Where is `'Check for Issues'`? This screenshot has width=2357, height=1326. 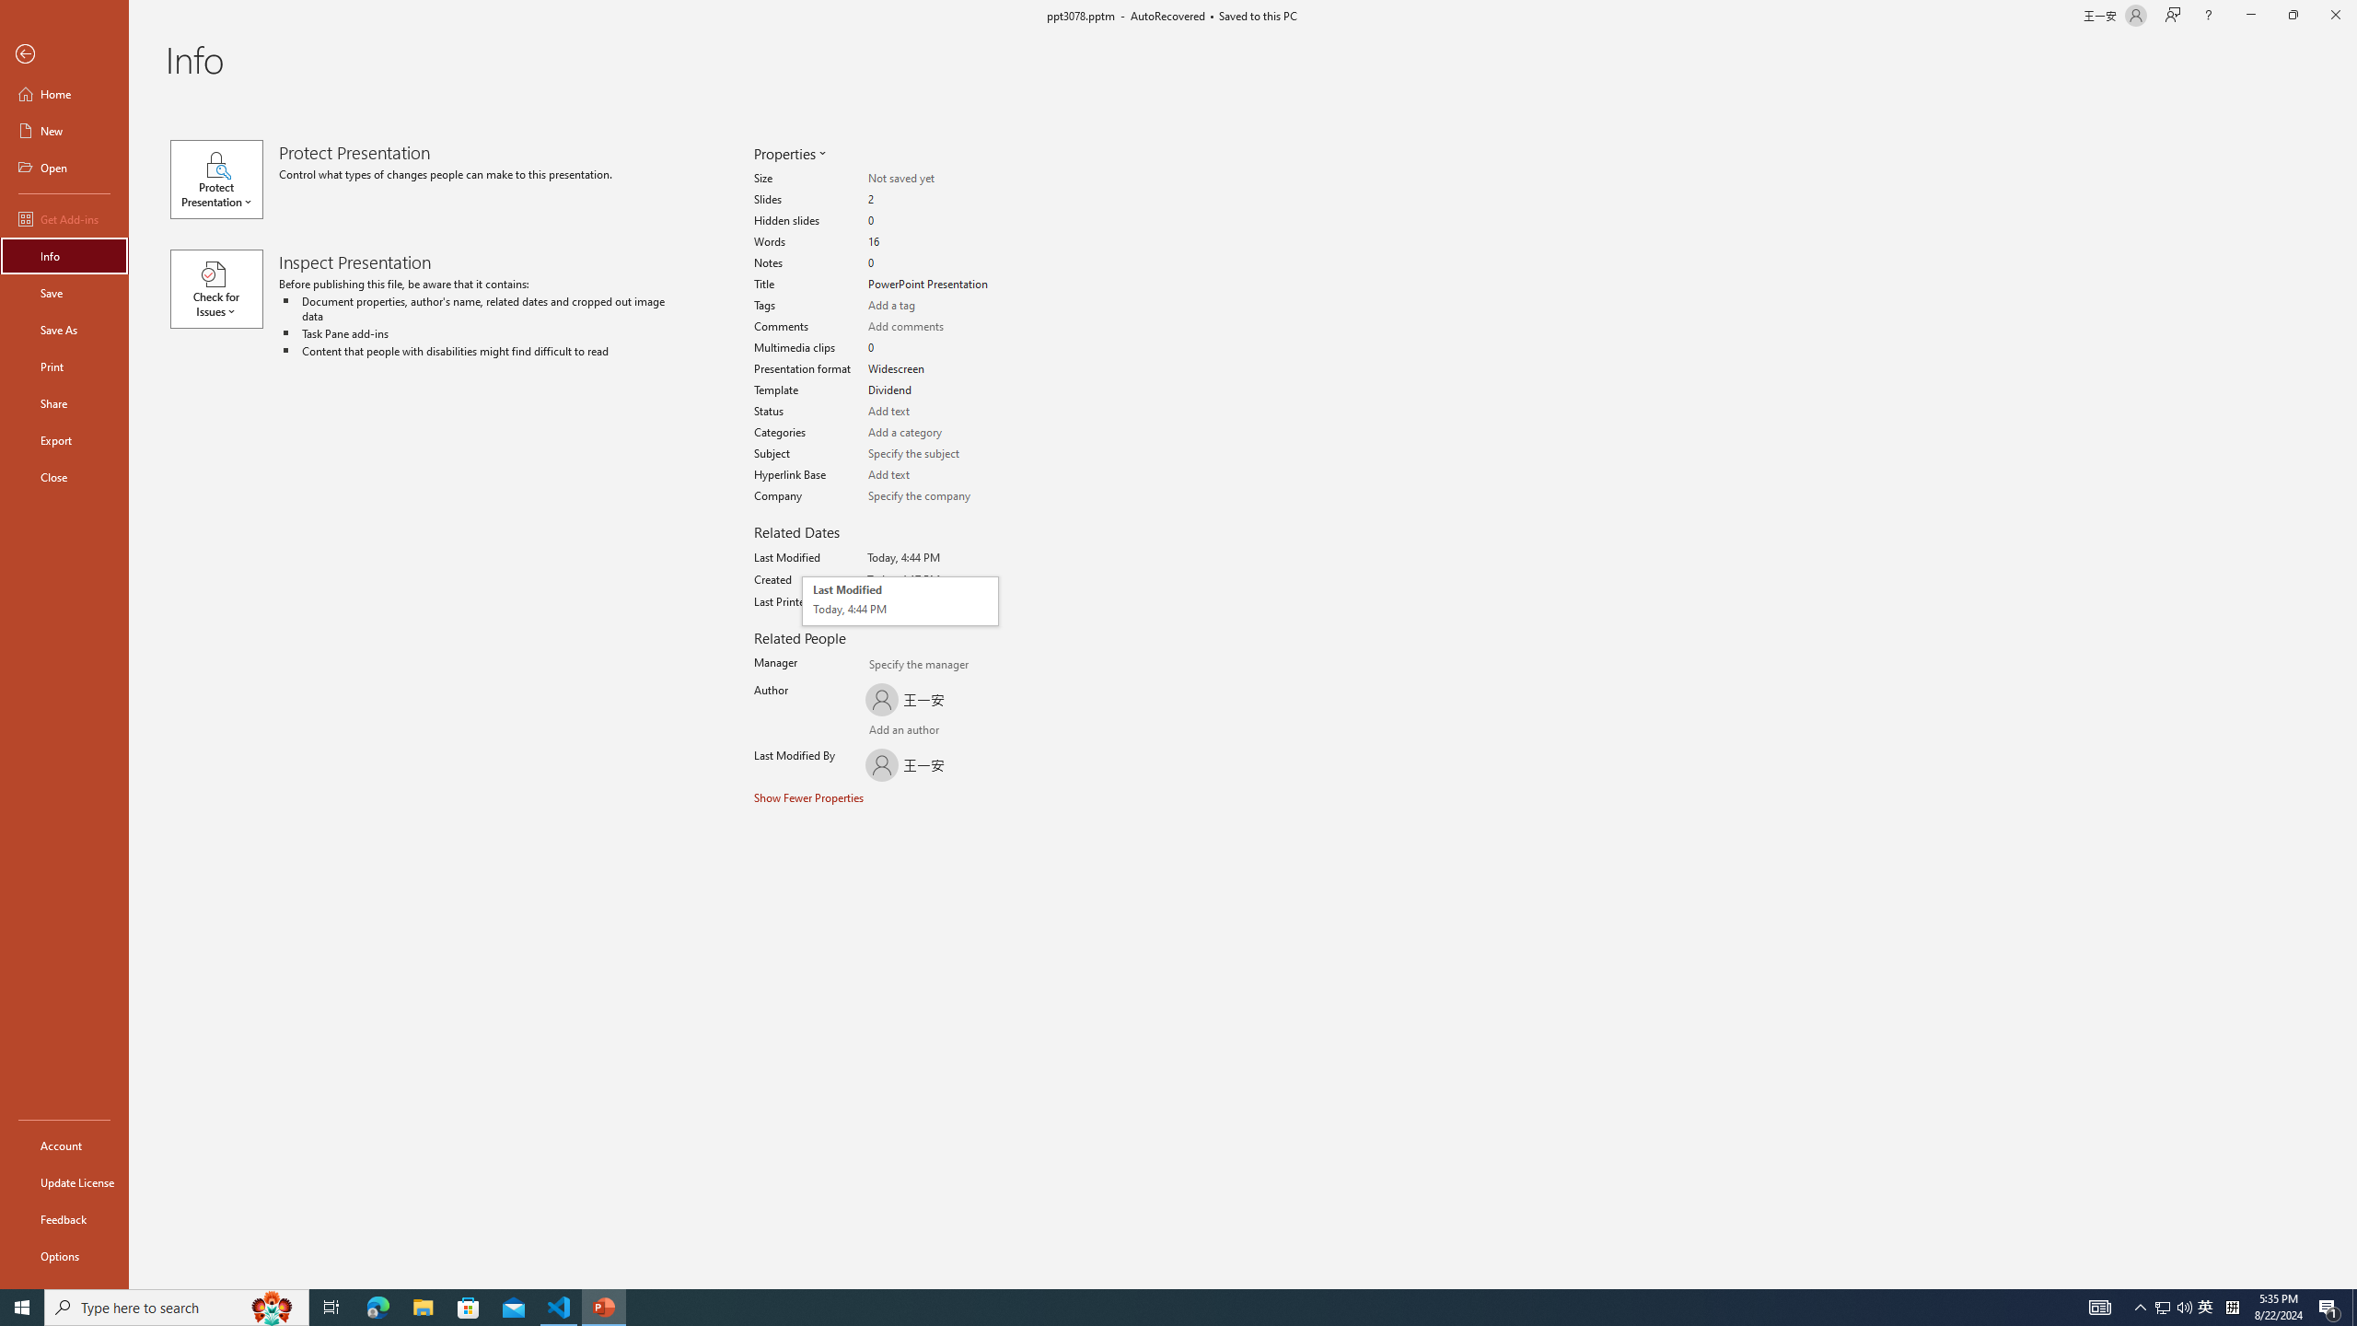 'Check for Issues' is located at coordinates (223, 288).